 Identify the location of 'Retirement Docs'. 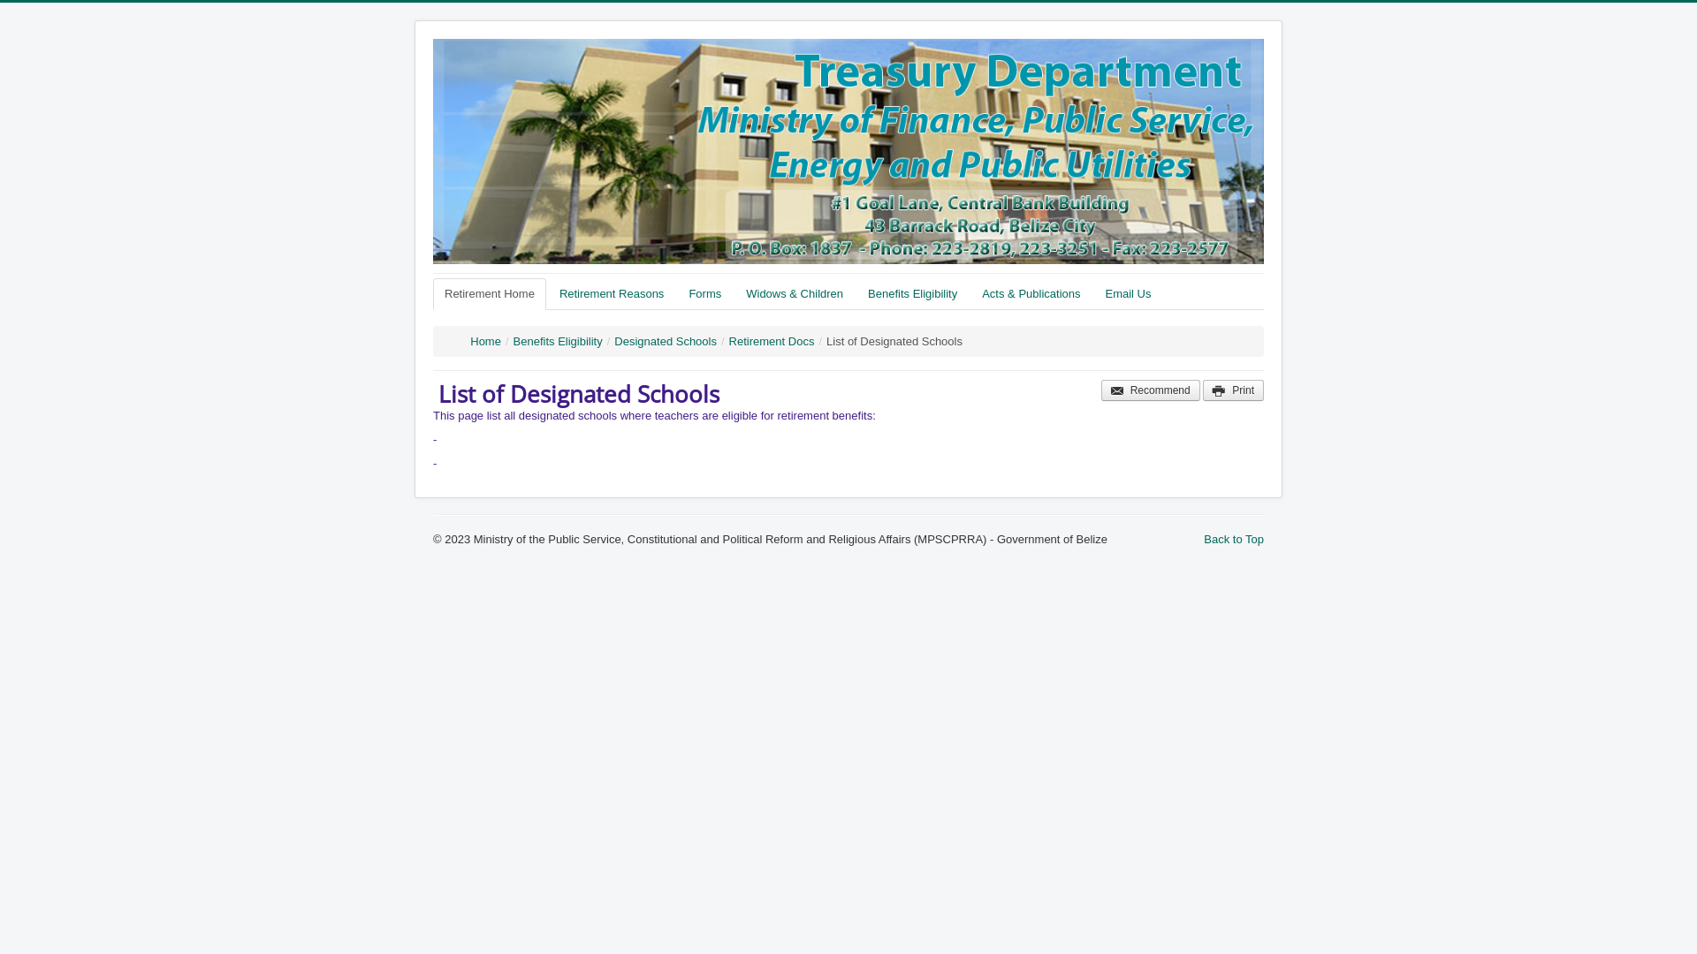
(772, 341).